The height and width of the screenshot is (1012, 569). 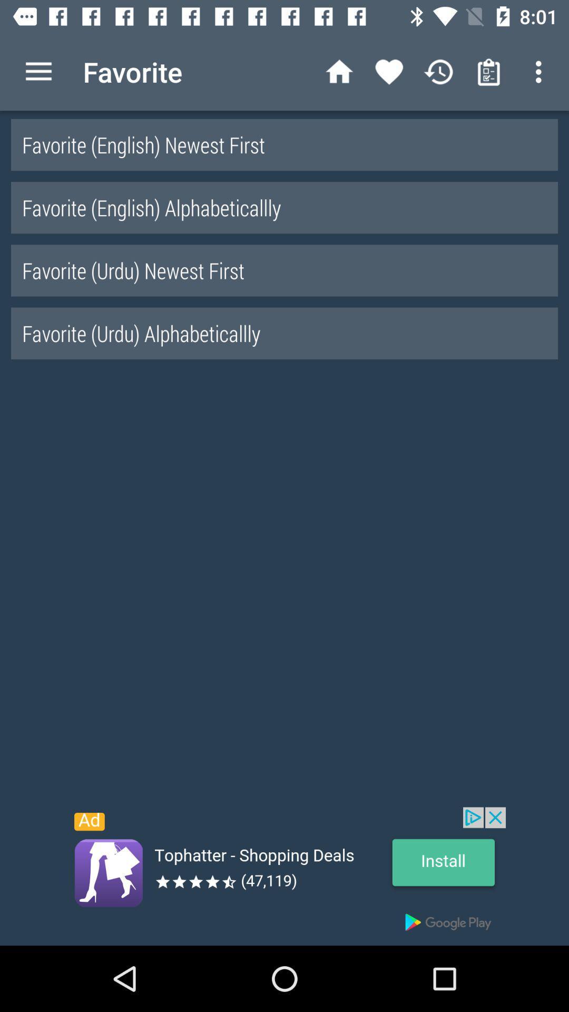 What do you see at coordinates (284, 876) in the screenshot?
I see `advertisement` at bounding box center [284, 876].